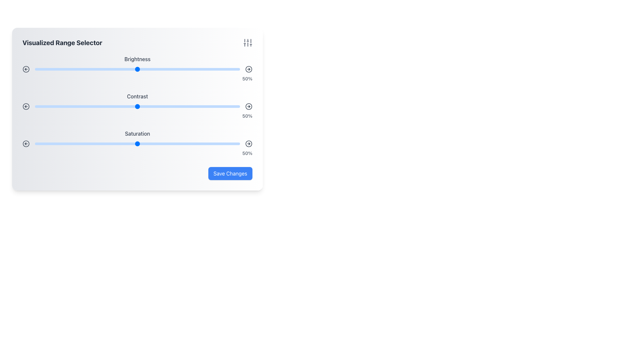  What do you see at coordinates (176, 106) in the screenshot?
I see `the value of the contrast slider` at bounding box center [176, 106].